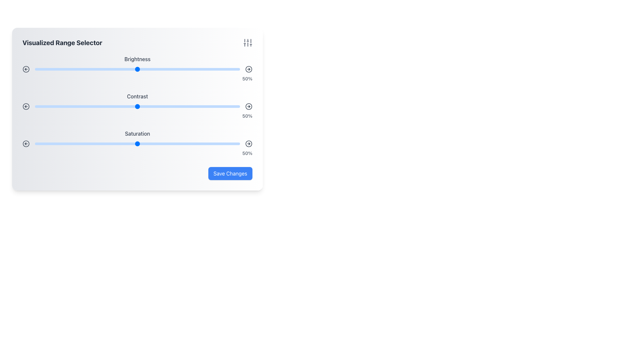  What do you see at coordinates (176, 106) in the screenshot?
I see `the value of the contrast slider` at bounding box center [176, 106].